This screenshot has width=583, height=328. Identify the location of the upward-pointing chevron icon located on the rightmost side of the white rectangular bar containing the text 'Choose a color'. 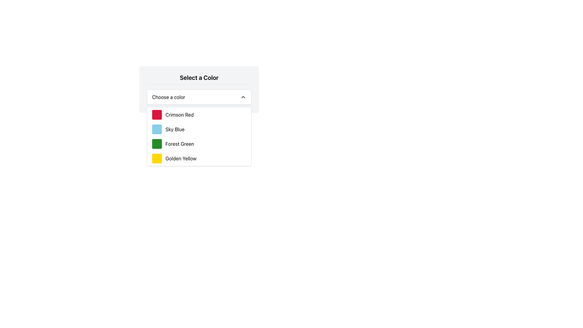
(243, 97).